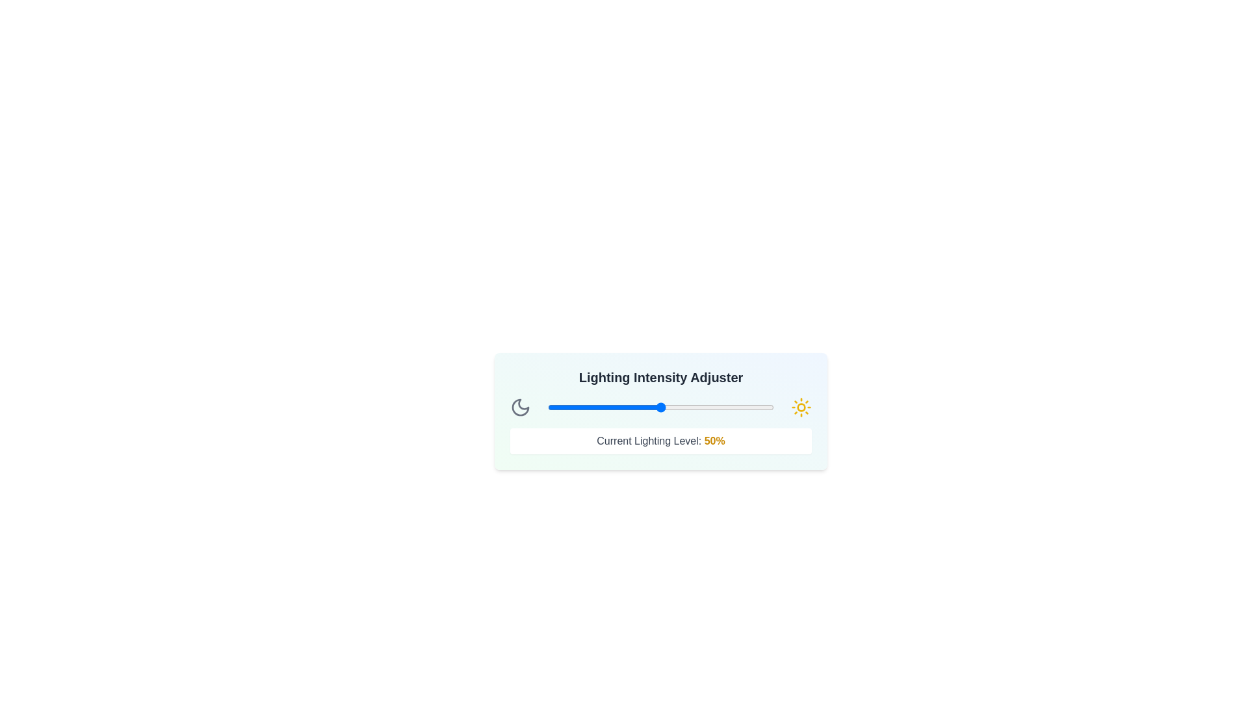 The image size is (1248, 702). What do you see at coordinates (801, 407) in the screenshot?
I see `the sun icon to increase the lighting intensity` at bounding box center [801, 407].